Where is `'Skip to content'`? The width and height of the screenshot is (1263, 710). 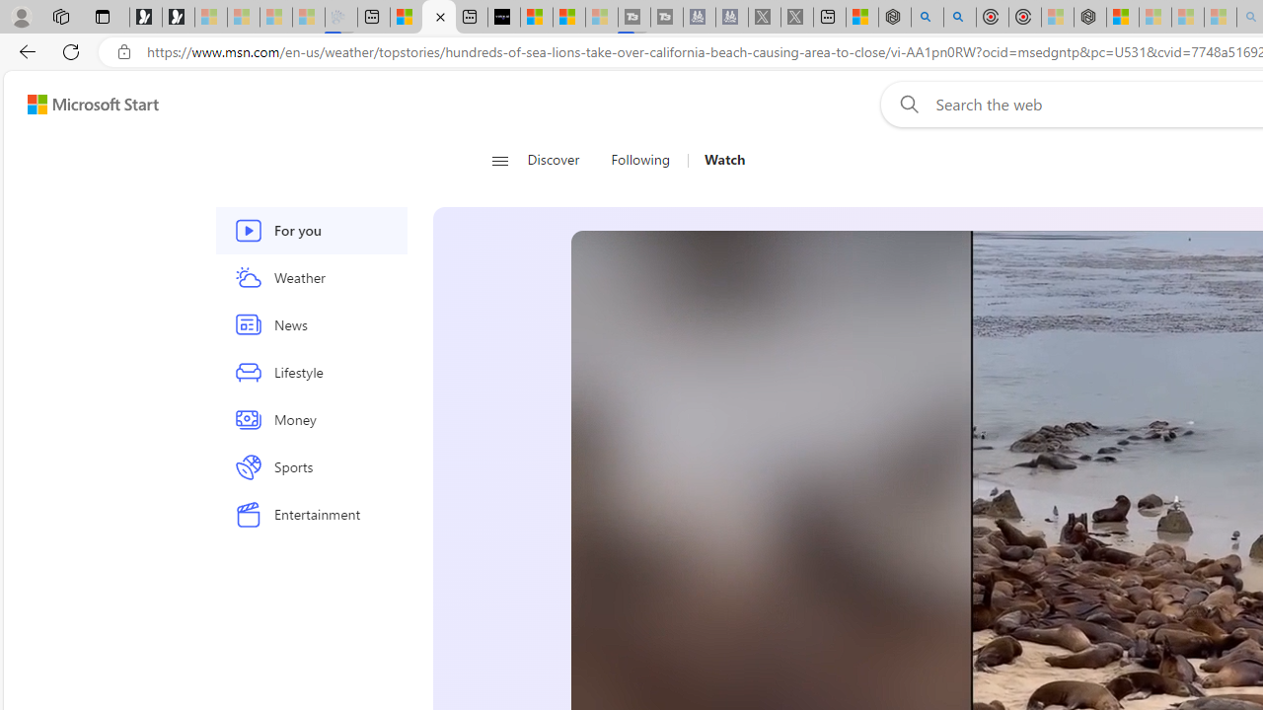 'Skip to content' is located at coordinates (85, 104).